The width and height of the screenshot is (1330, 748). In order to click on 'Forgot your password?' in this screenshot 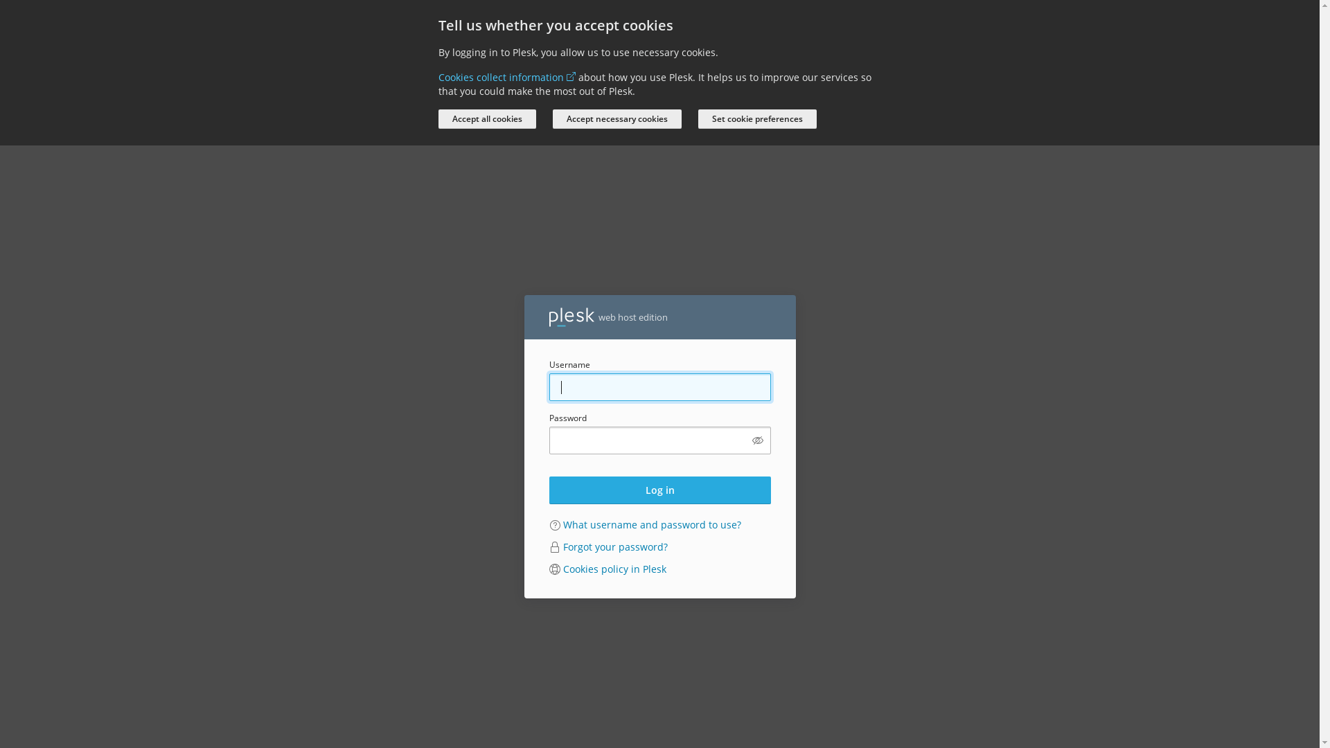, I will do `click(562, 546)`.